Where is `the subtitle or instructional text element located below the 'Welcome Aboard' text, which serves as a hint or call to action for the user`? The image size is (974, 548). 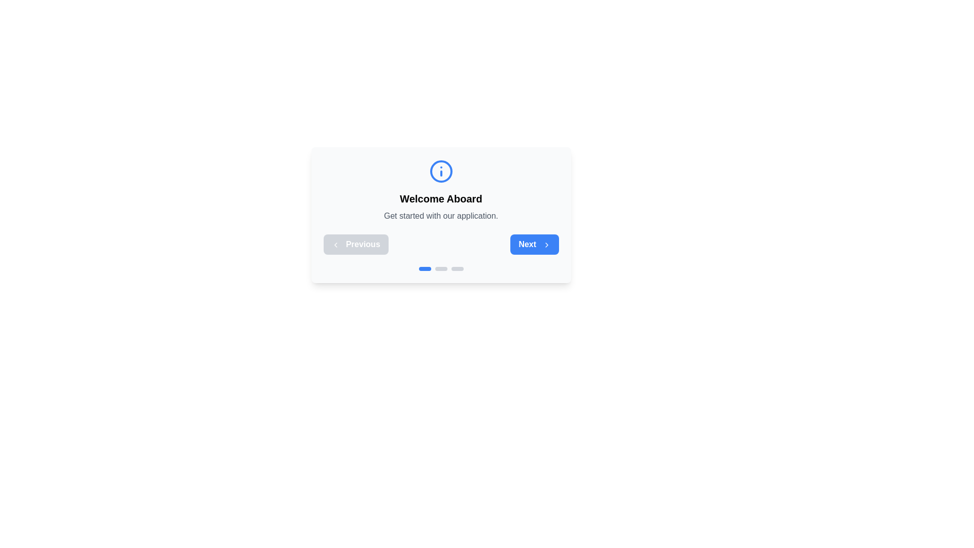 the subtitle or instructional text element located below the 'Welcome Aboard' text, which serves as a hint or call to action for the user is located at coordinates (441, 215).